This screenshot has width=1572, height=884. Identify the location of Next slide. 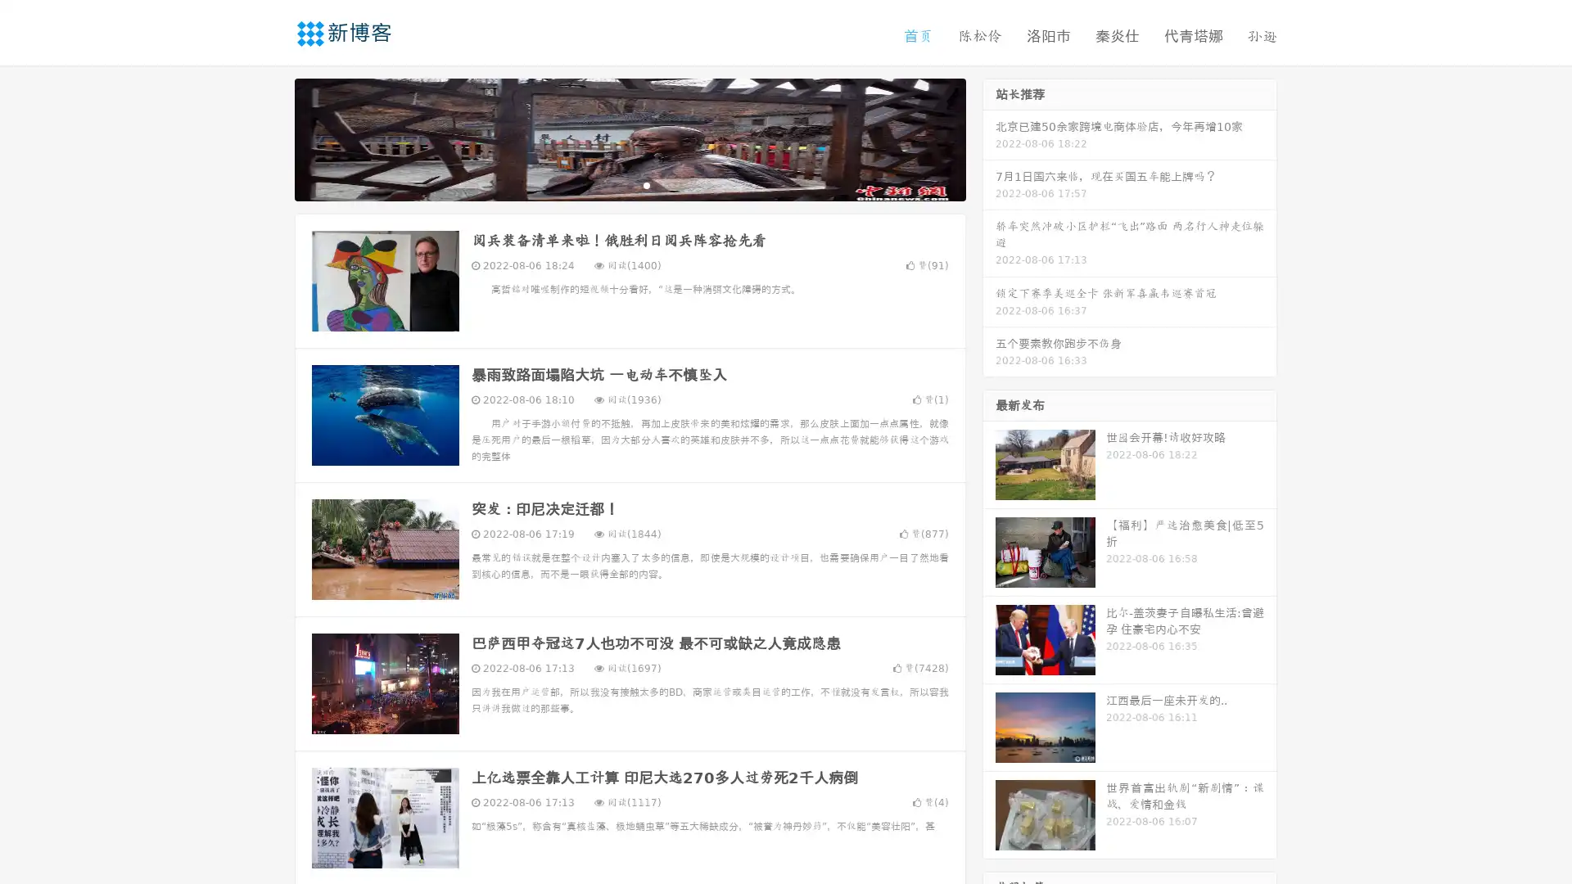
(989, 138).